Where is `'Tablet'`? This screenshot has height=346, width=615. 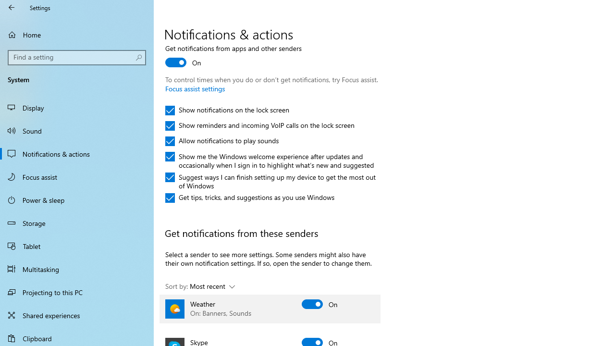
'Tablet' is located at coordinates (77, 245).